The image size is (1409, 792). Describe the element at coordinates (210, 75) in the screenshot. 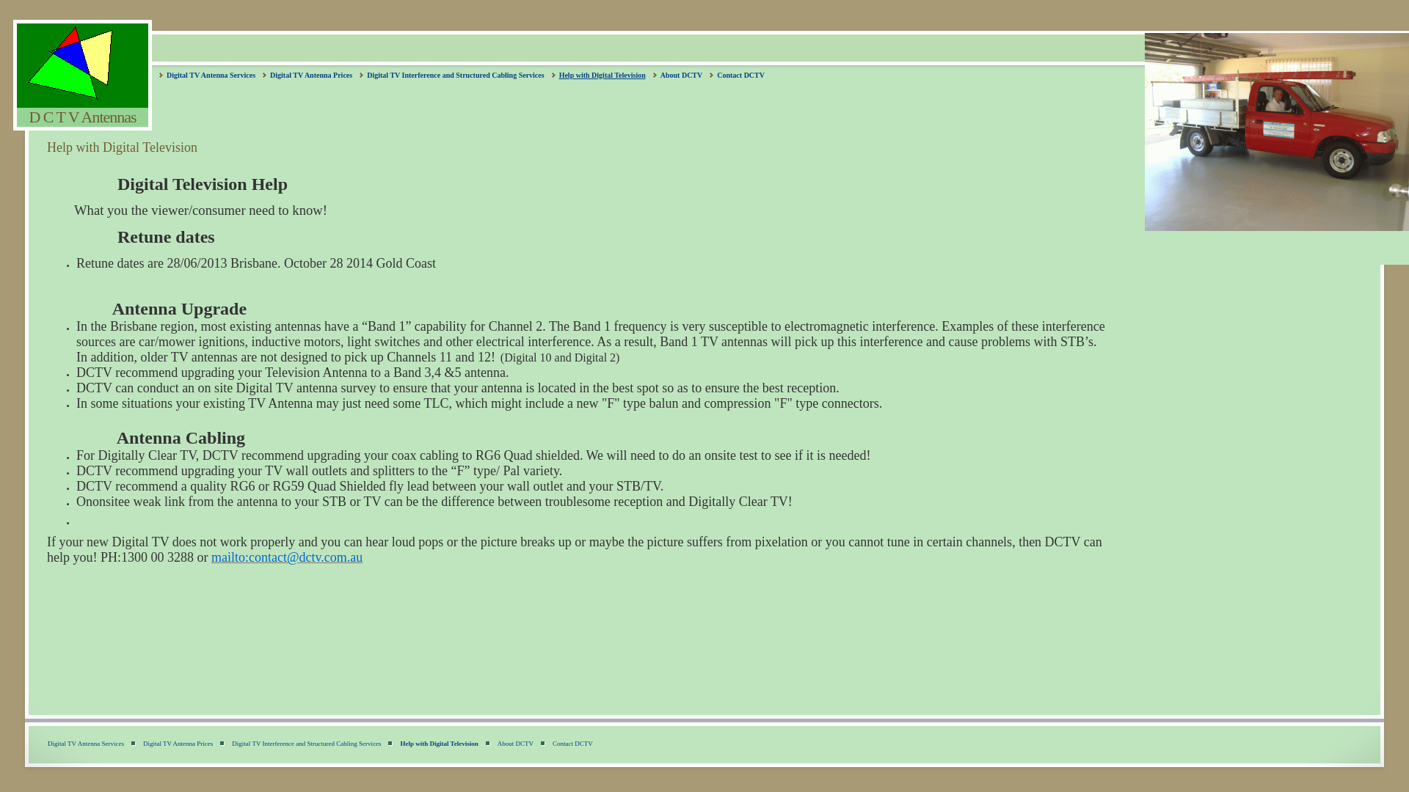

I see `'Digital TV Antenna Services'` at that location.